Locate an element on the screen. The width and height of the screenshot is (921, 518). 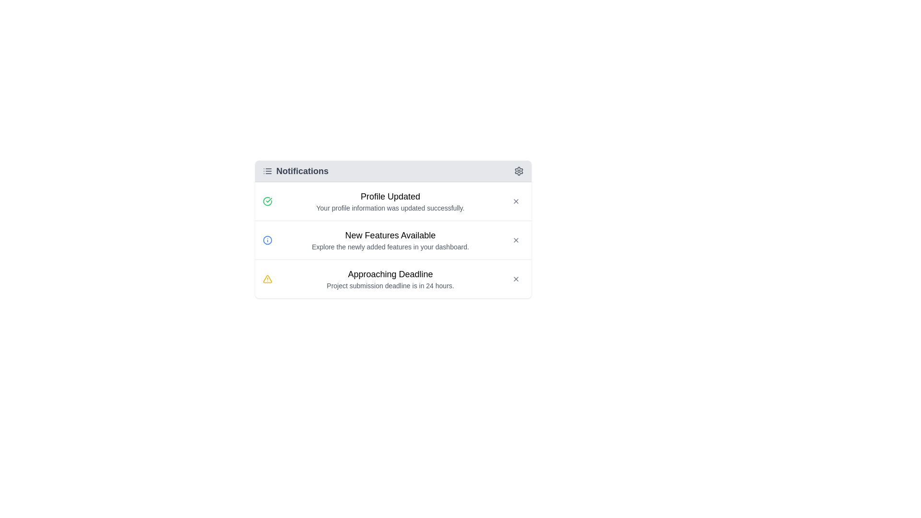
the settings icon located in the top-right corner of the notification panel, adjacent to the title 'Notifications' is located at coordinates (518, 171).